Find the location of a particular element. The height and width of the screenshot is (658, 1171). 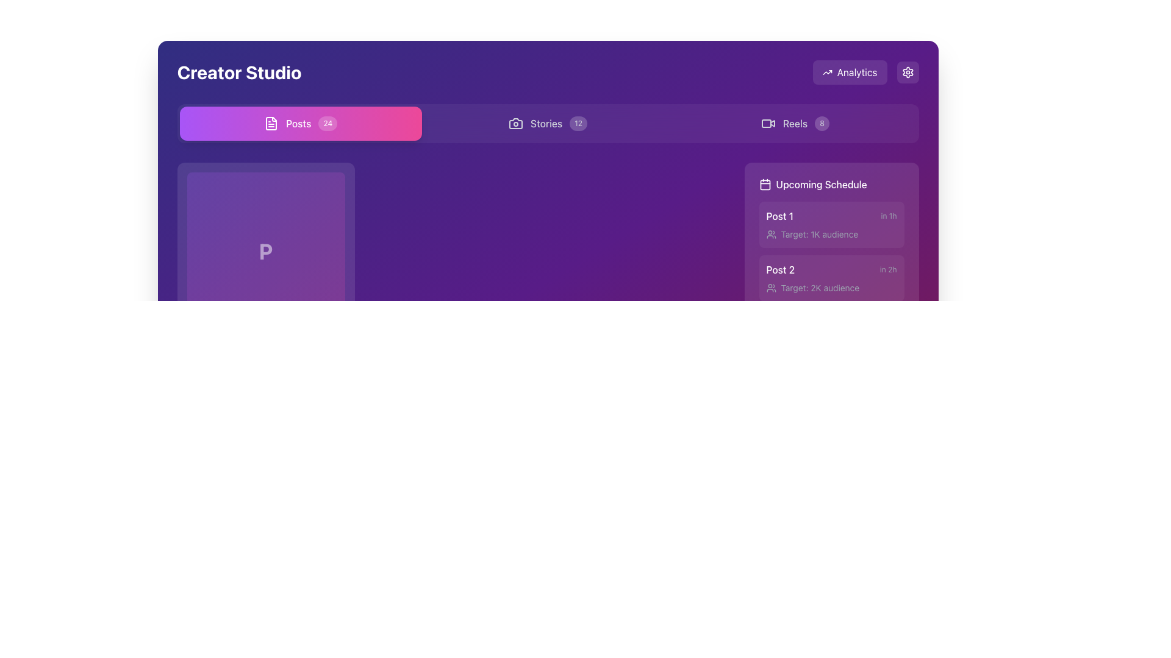

the Informational card featuring a gradient background from purple to pink with a large semi-transparent white letter 'P' centered in bold font to interact with it is located at coordinates (265, 272).